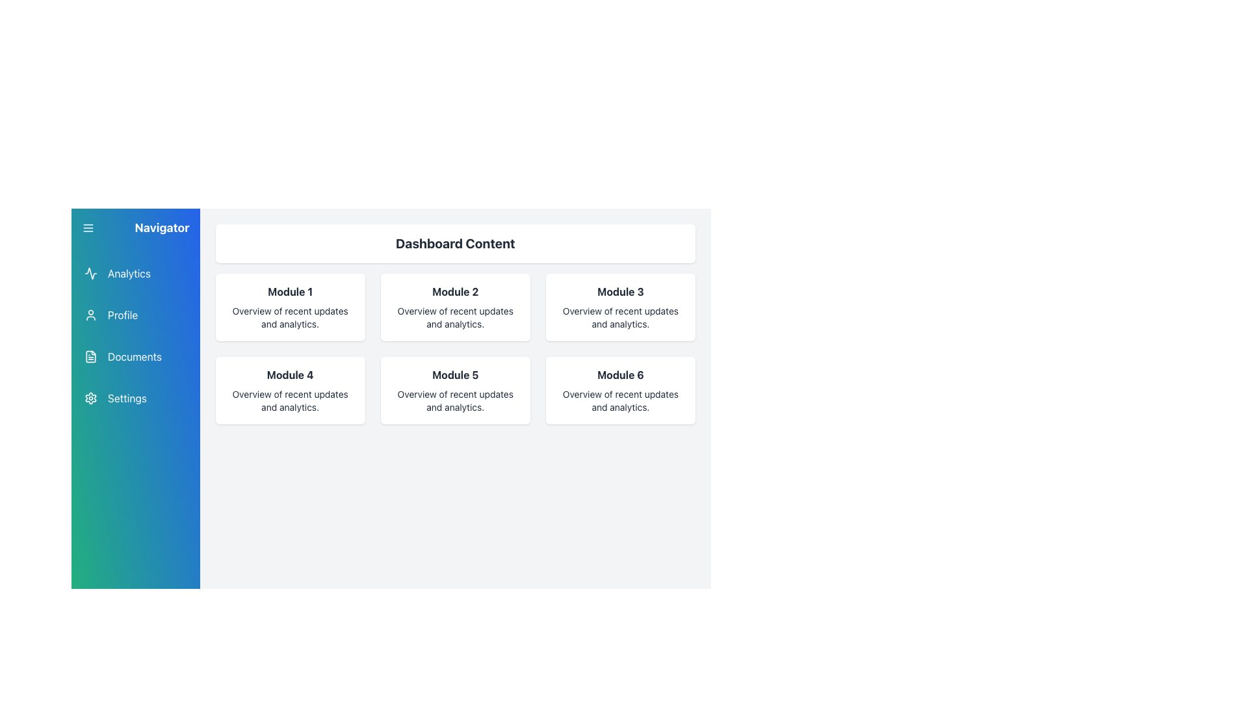 The width and height of the screenshot is (1248, 702). What do you see at coordinates (455, 390) in the screenshot?
I see `the controls associated with the Informational Card for 'Module 5', which is the fifth card in a grid layout positioned in the second row, middle column` at bounding box center [455, 390].